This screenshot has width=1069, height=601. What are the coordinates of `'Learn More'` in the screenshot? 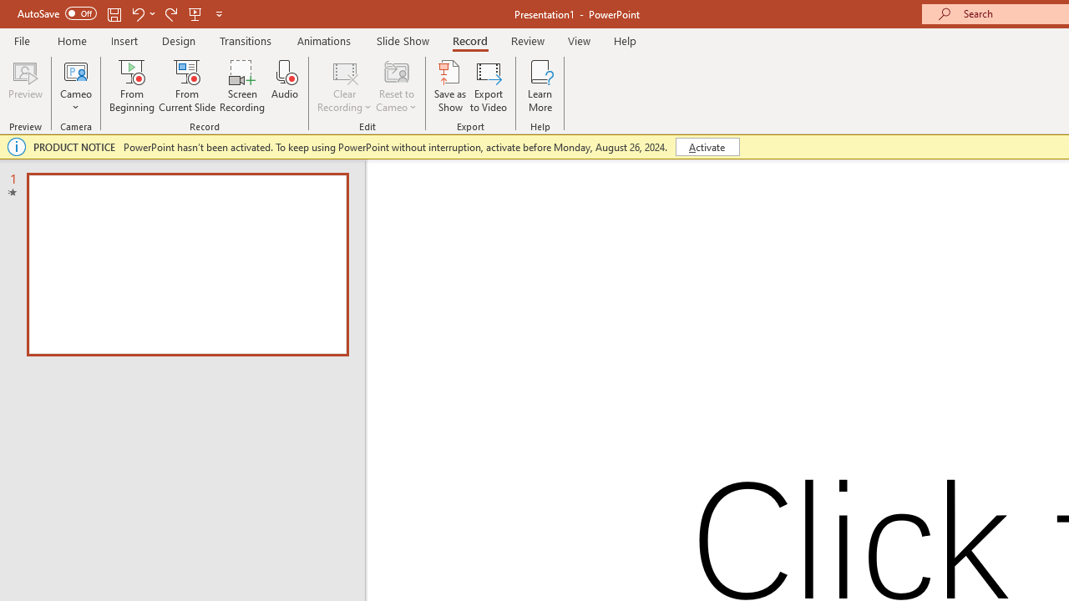 It's located at (540, 86).